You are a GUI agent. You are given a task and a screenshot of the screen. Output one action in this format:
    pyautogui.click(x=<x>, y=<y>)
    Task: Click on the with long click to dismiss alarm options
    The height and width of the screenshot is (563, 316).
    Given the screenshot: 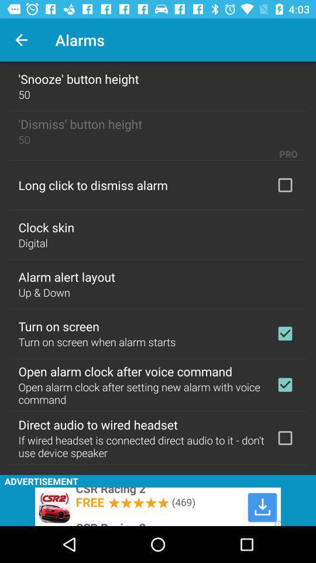 What is the action you would take?
    pyautogui.click(x=284, y=185)
    